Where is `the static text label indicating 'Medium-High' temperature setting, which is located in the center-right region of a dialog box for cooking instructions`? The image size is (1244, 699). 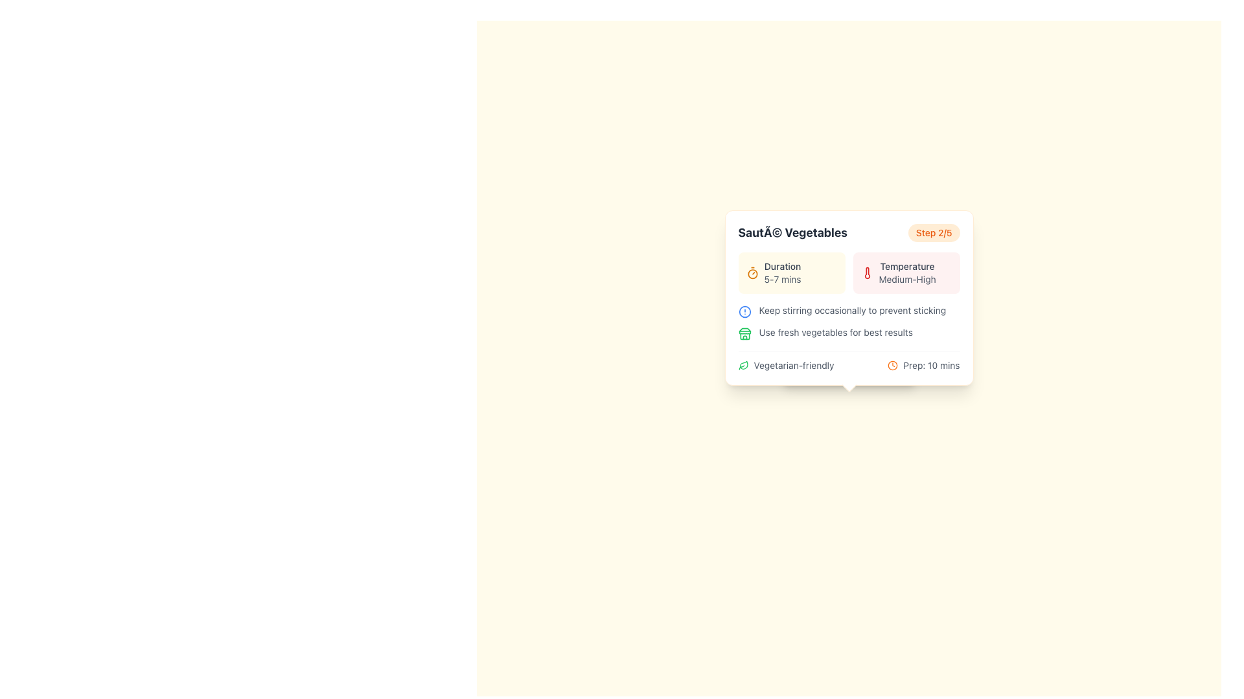 the static text label indicating 'Medium-High' temperature setting, which is located in the center-right region of a dialog box for cooking instructions is located at coordinates (906, 266).